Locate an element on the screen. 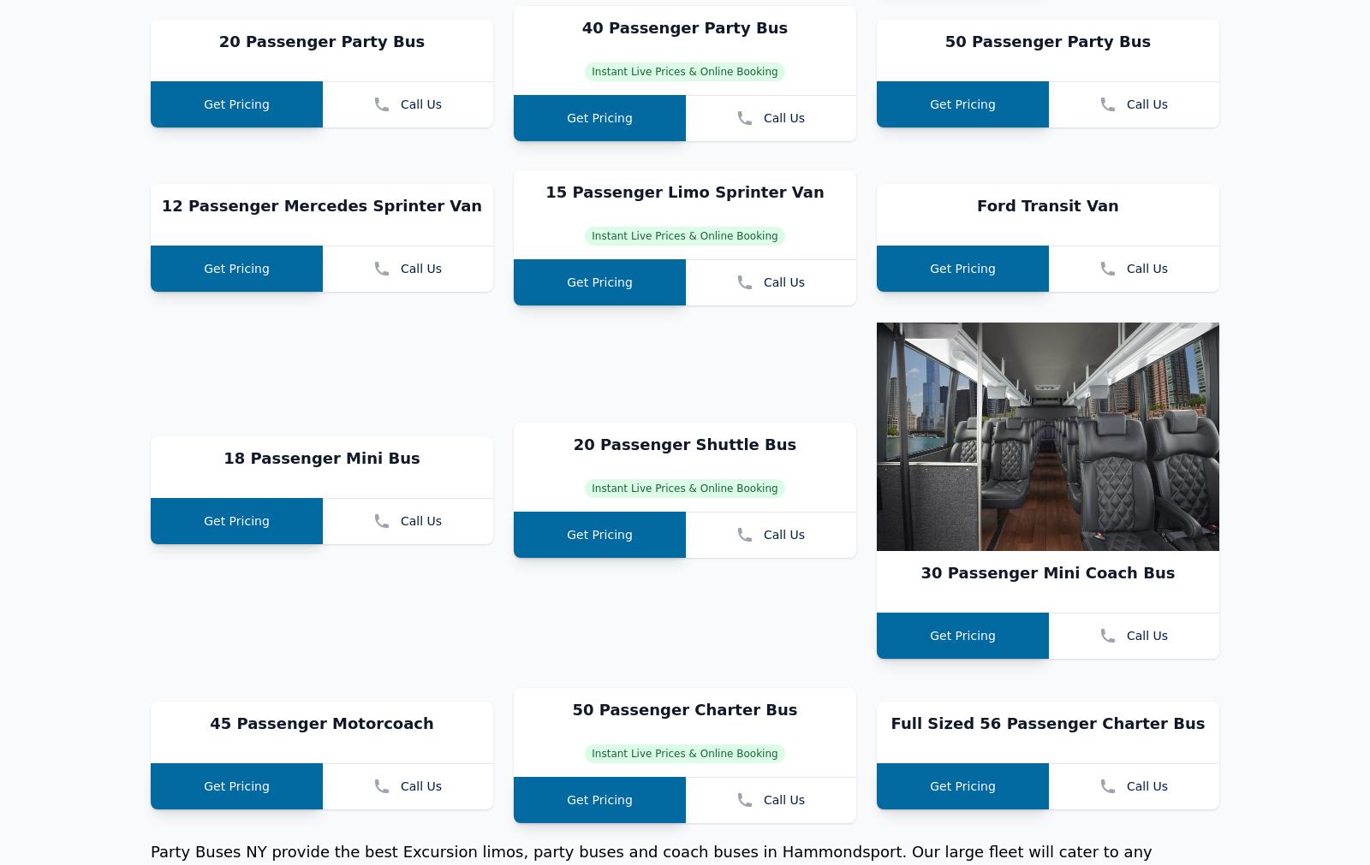  '20 Passenger Party Bus' is located at coordinates (321, 270).